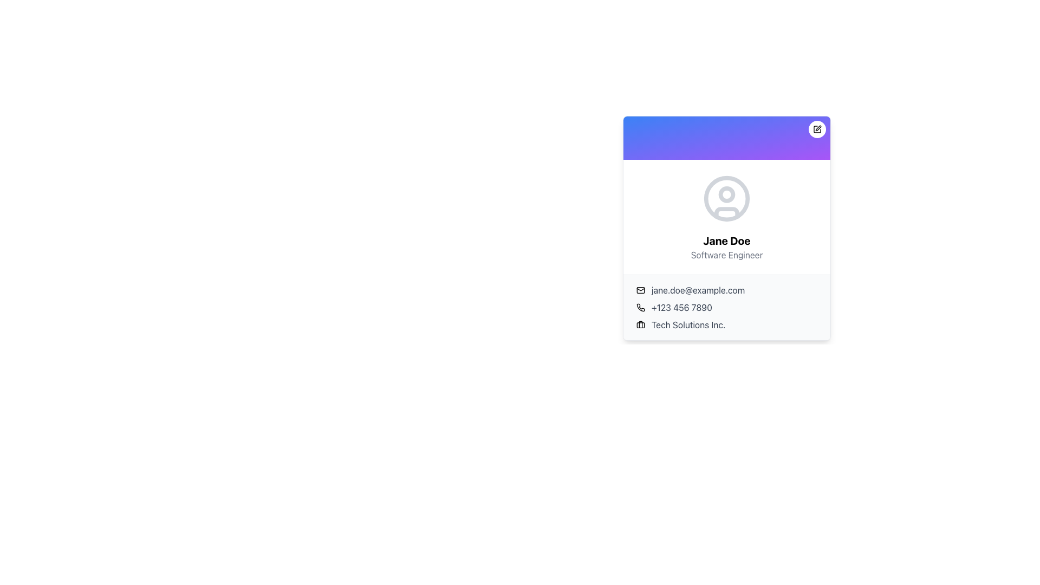  I want to click on the name header text located at the top-center of the personal card, below the profile image and above the 'Software Engineer' text, so click(727, 240).